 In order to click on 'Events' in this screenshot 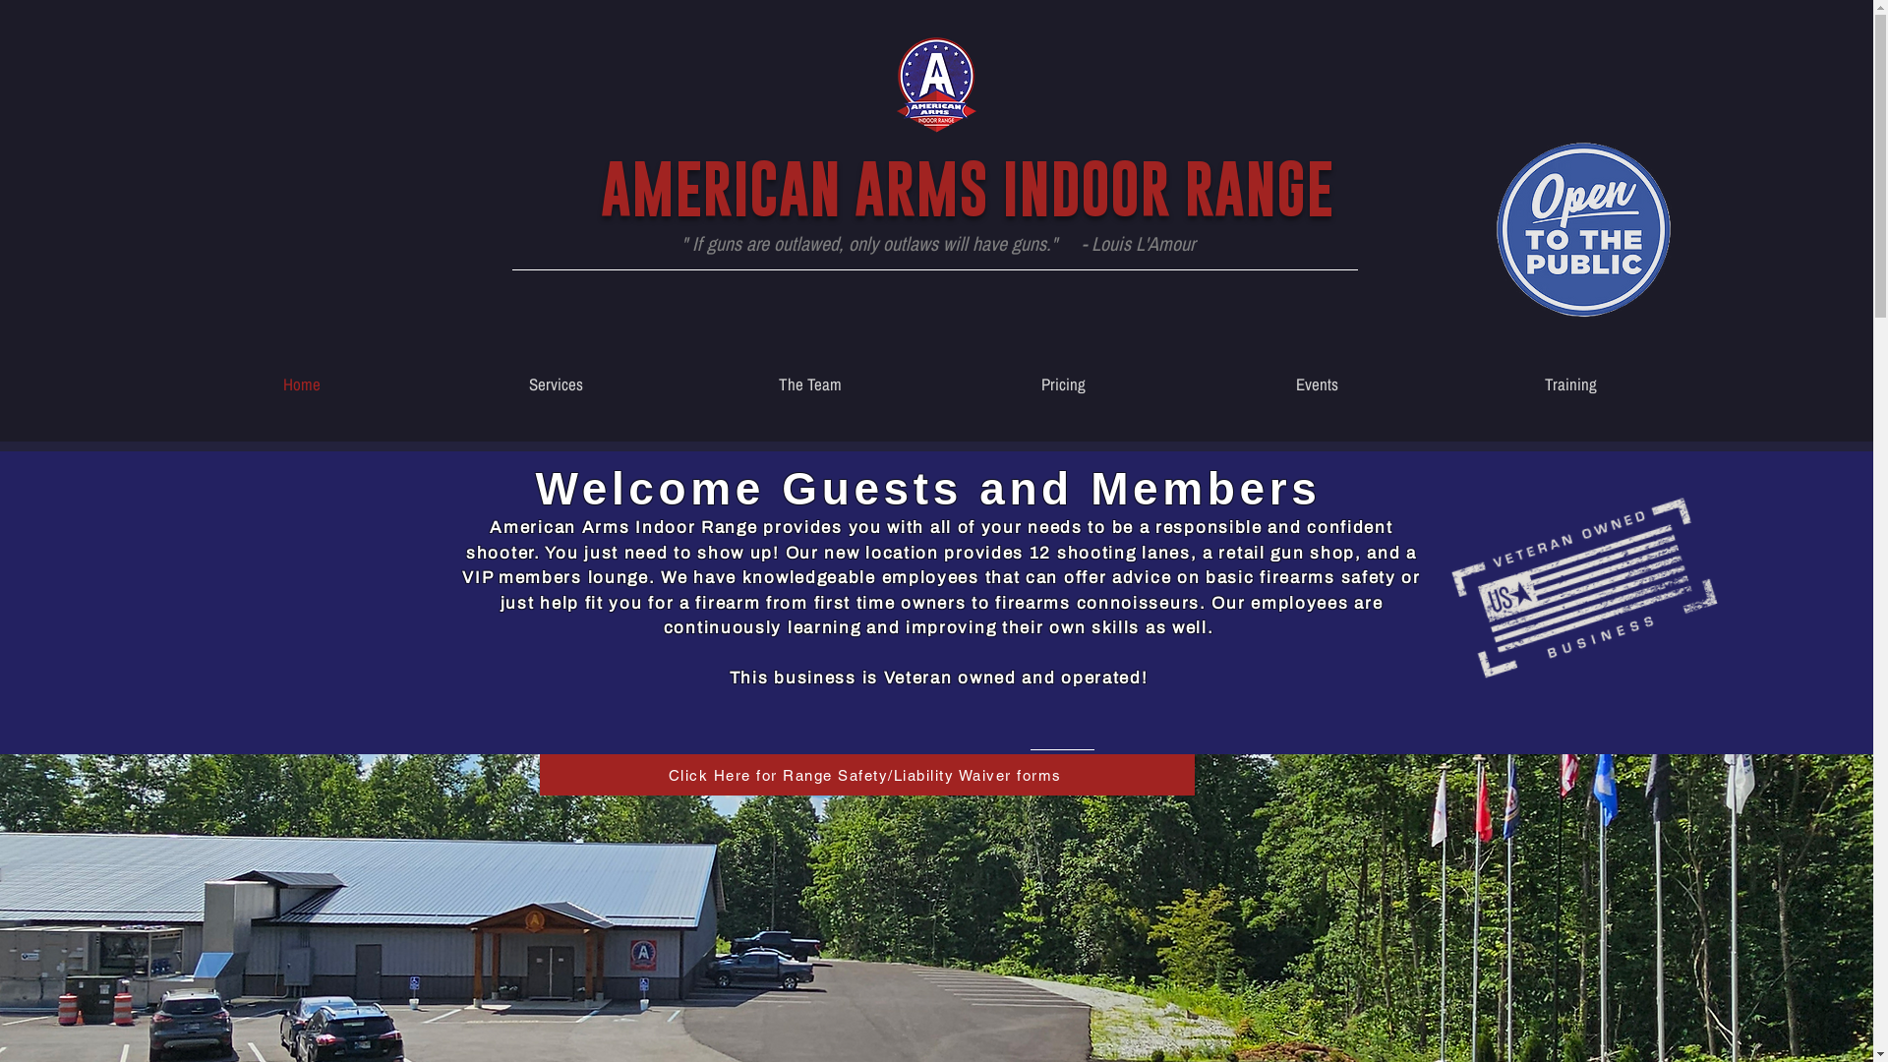, I will do `click(1188, 383)`.